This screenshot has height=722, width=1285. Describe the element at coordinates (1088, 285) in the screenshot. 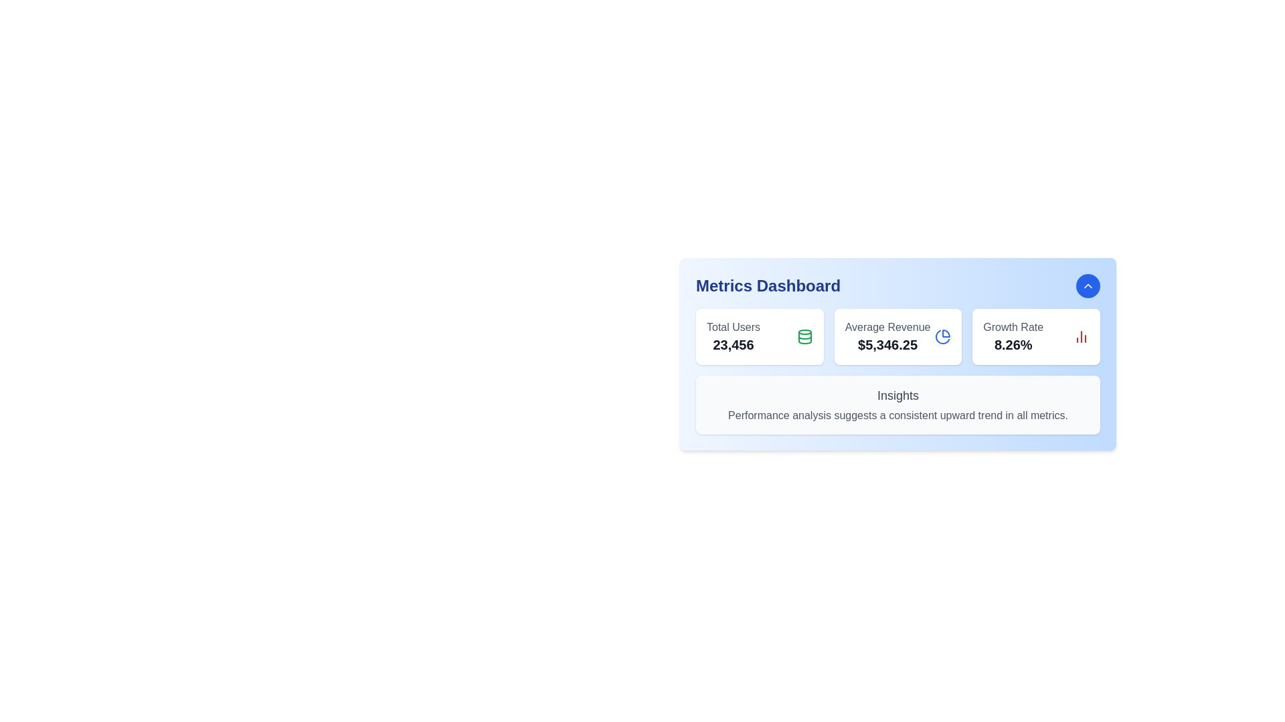

I see `the small upward-pointing chevron icon with a blue background located at the top-right corner of the 'Metrics Dashboard' card` at that location.